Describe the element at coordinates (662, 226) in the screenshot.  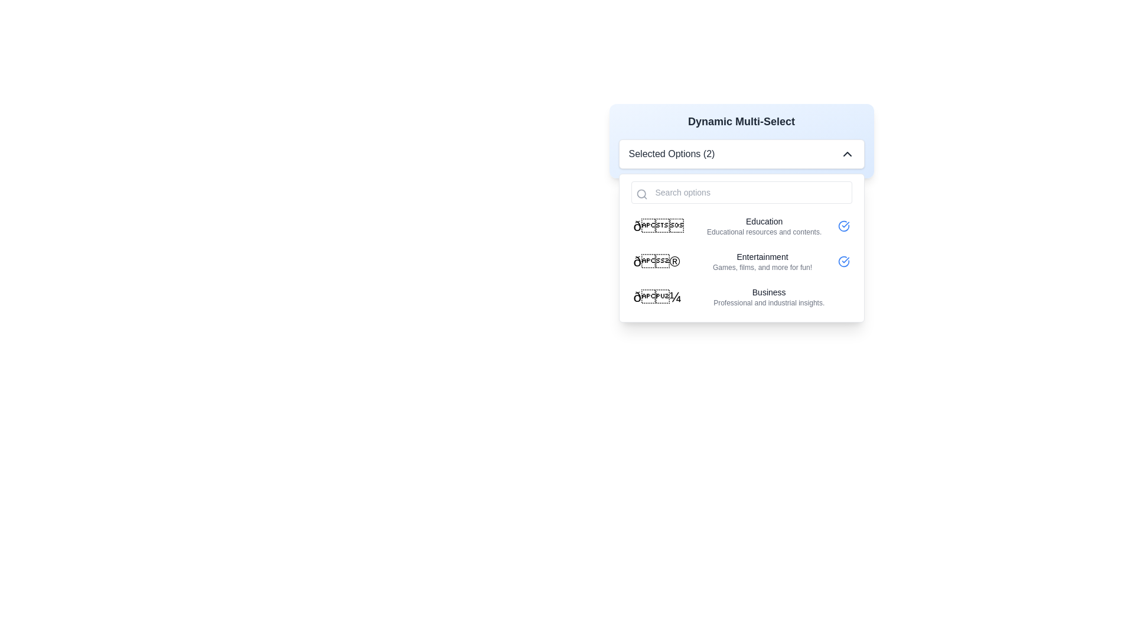
I see `the prominent emoji or icon that precedes the 'Education' label in the dynamic multi-select dropdown as a visual indicator` at that location.